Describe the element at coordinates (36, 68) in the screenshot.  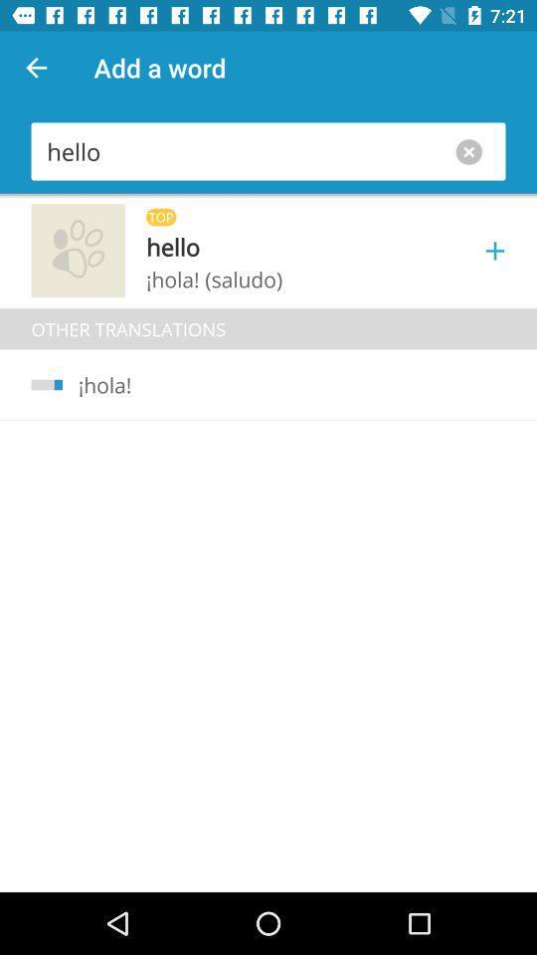
I see `icon next to the add a word app` at that location.